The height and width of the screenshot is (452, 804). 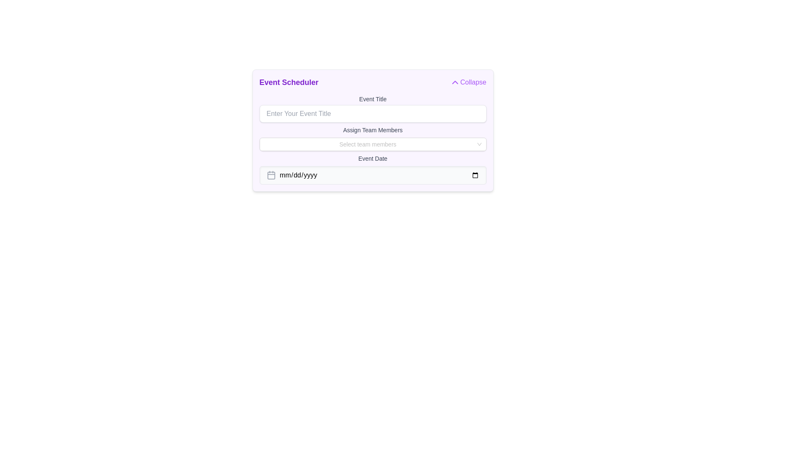 I want to click on on the Dropdown menu located beneath the 'Assign Team Members' label, so click(x=372, y=144).